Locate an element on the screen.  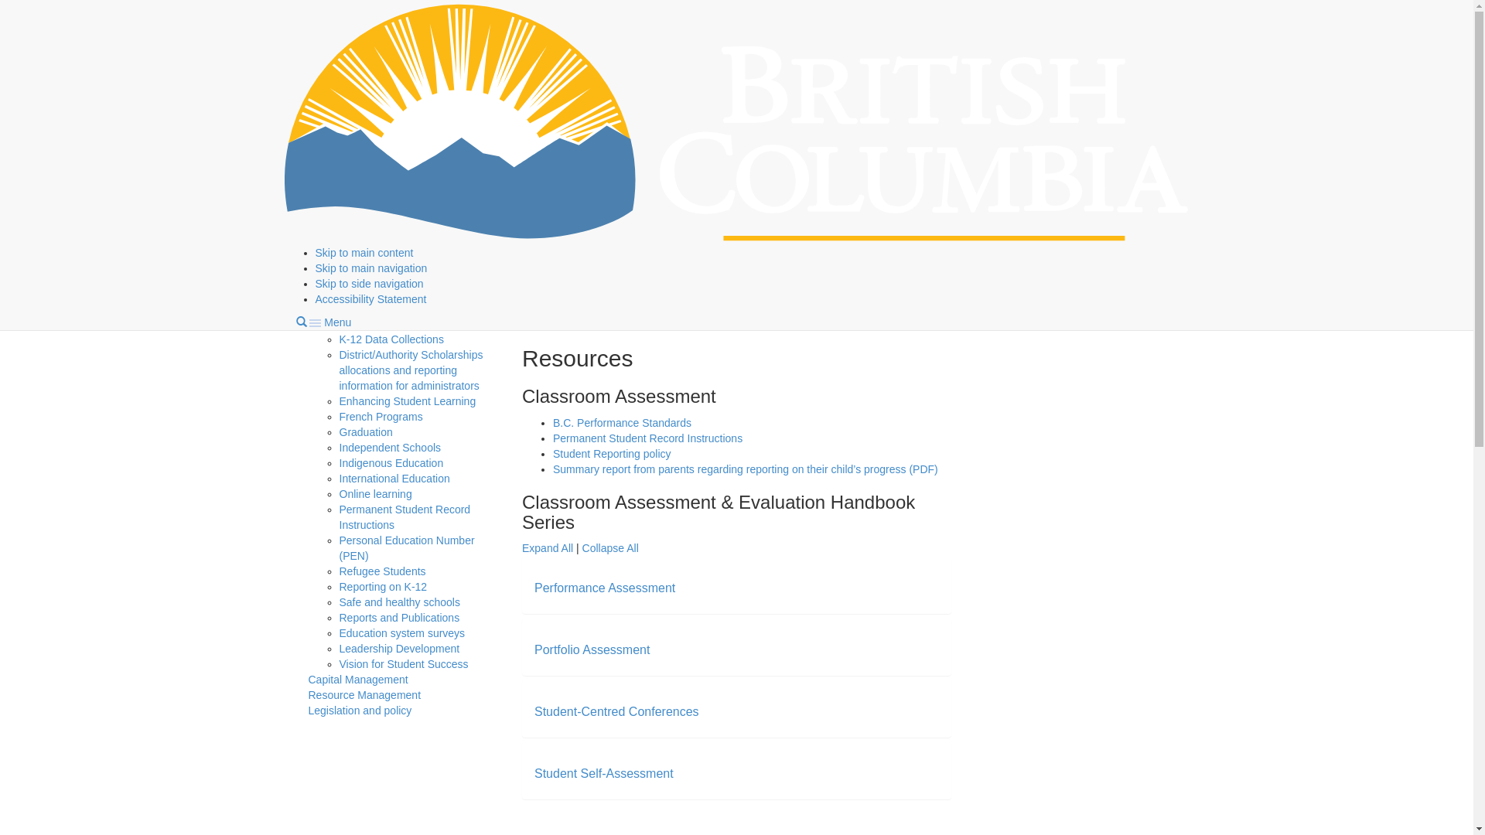
'Program management' is located at coordinates (360, 92).